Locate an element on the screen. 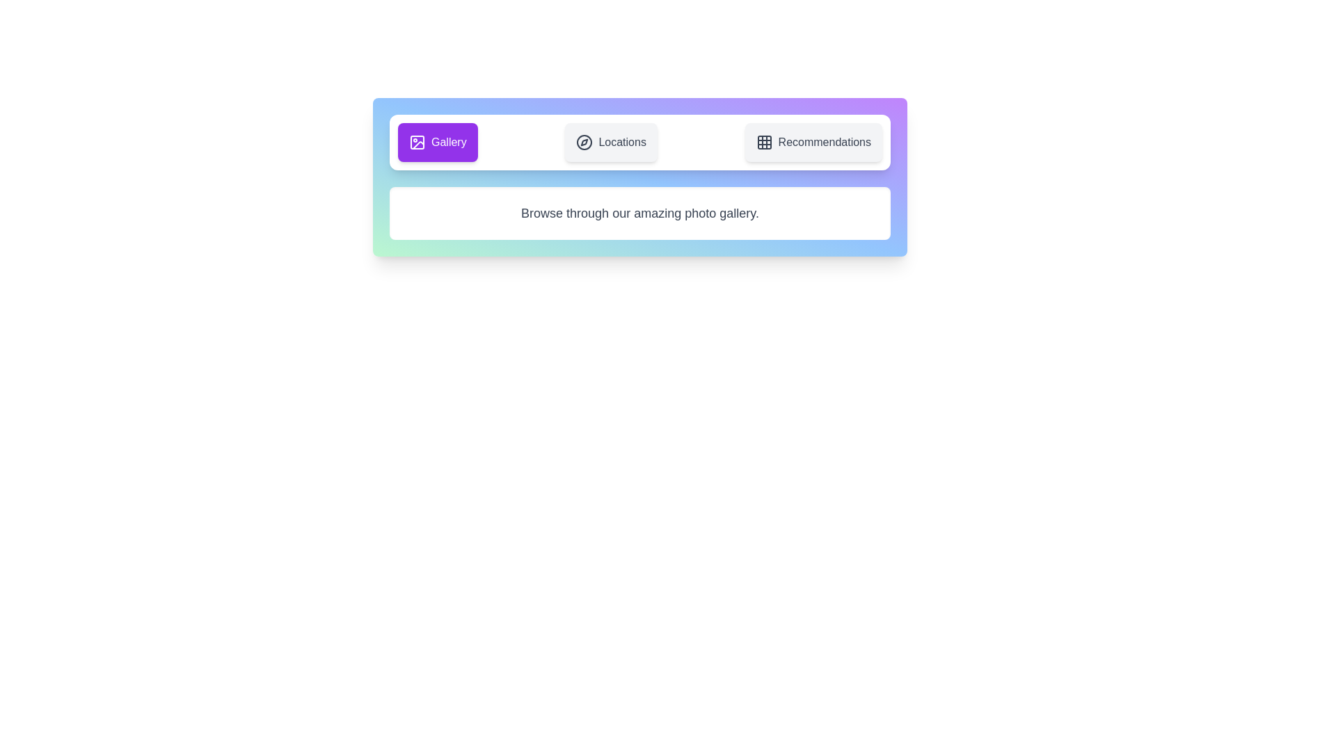 Image resolution: width=1336 pixels, height=751 pixels. the tab Gallery by clicking on it is located at coordinates (437, 142).